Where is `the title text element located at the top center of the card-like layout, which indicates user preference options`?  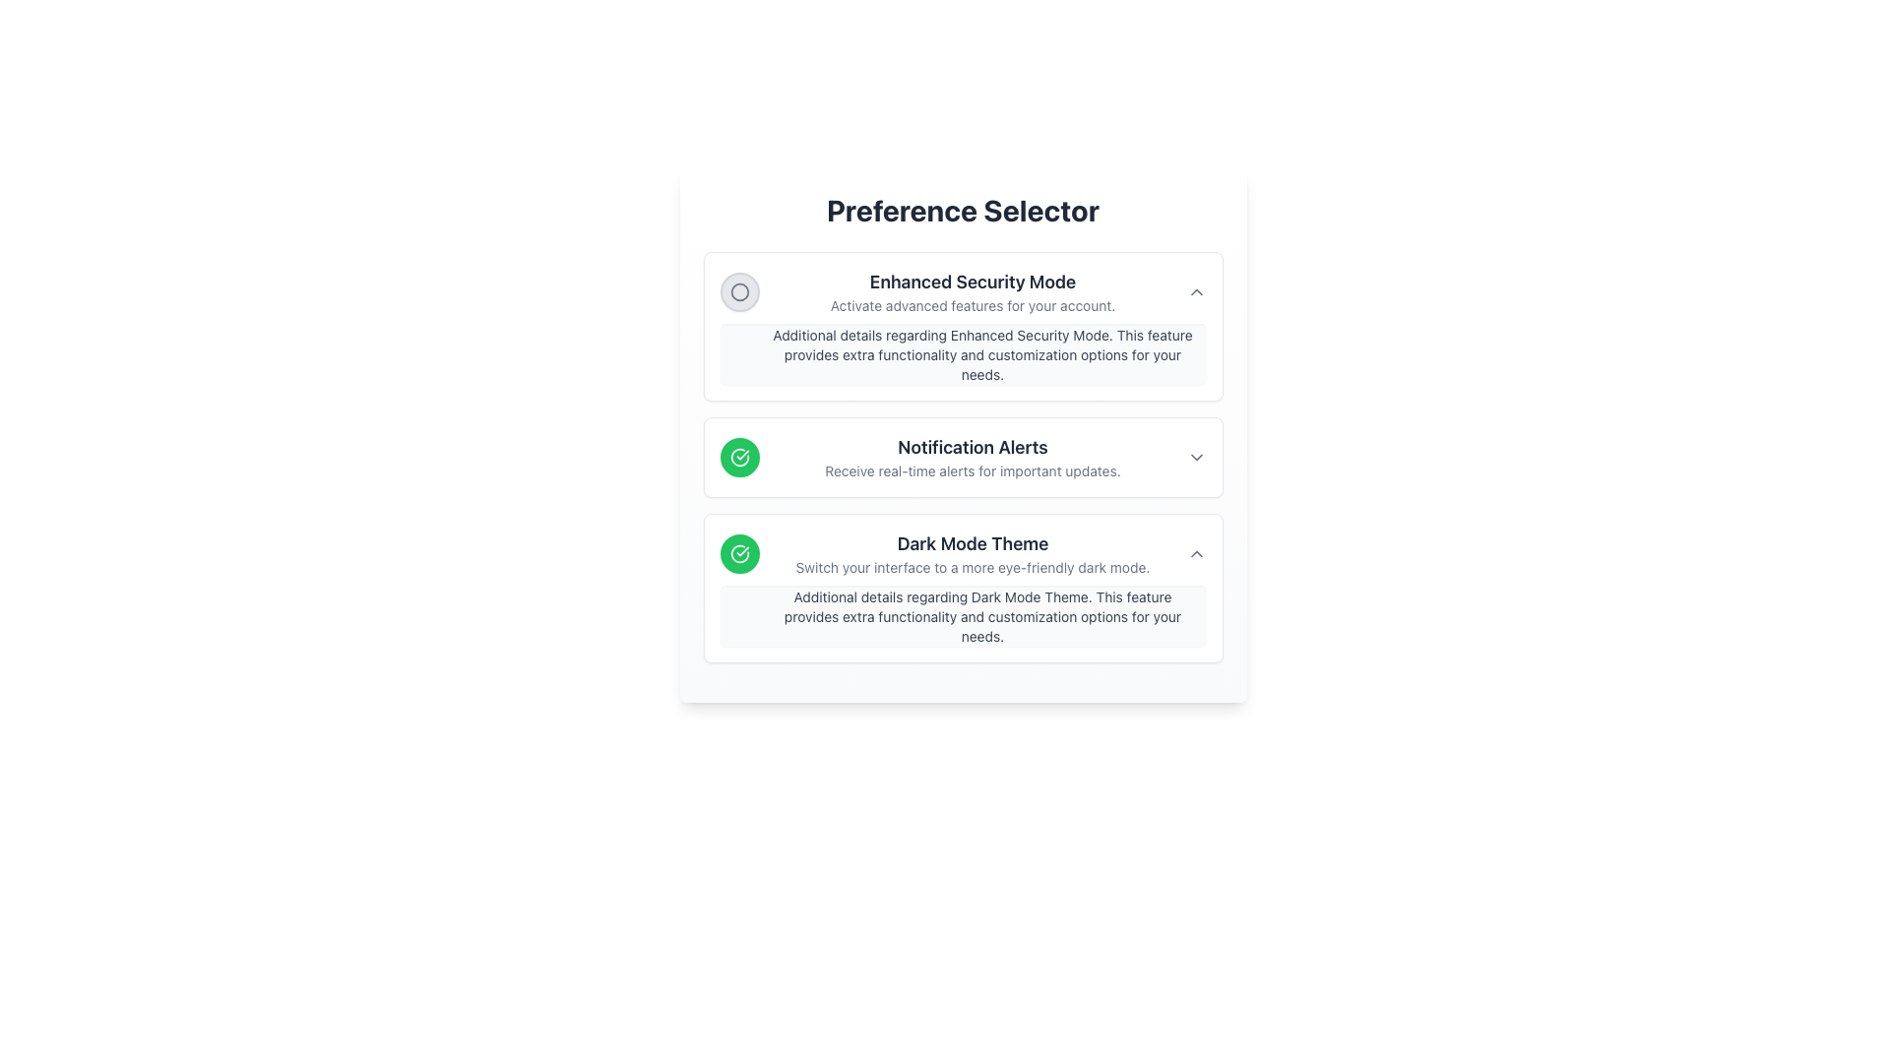 the title text element located at the top center of the card-like layout, which indicates user preference options is located at coordinates (963, 210).